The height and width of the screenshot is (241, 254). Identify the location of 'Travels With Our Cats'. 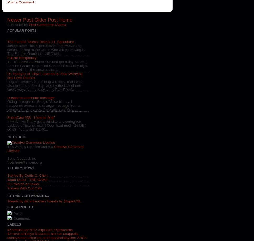
(24, 188).